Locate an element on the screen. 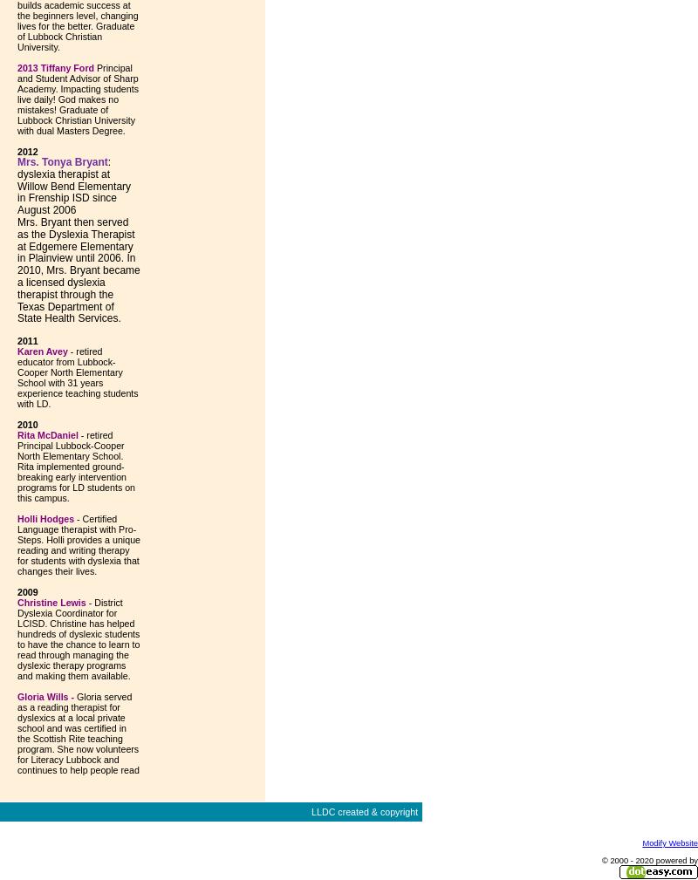 The height and width of the screenshot is (880, 698). 'Karen Avey' is located at coordinates (41, 350).